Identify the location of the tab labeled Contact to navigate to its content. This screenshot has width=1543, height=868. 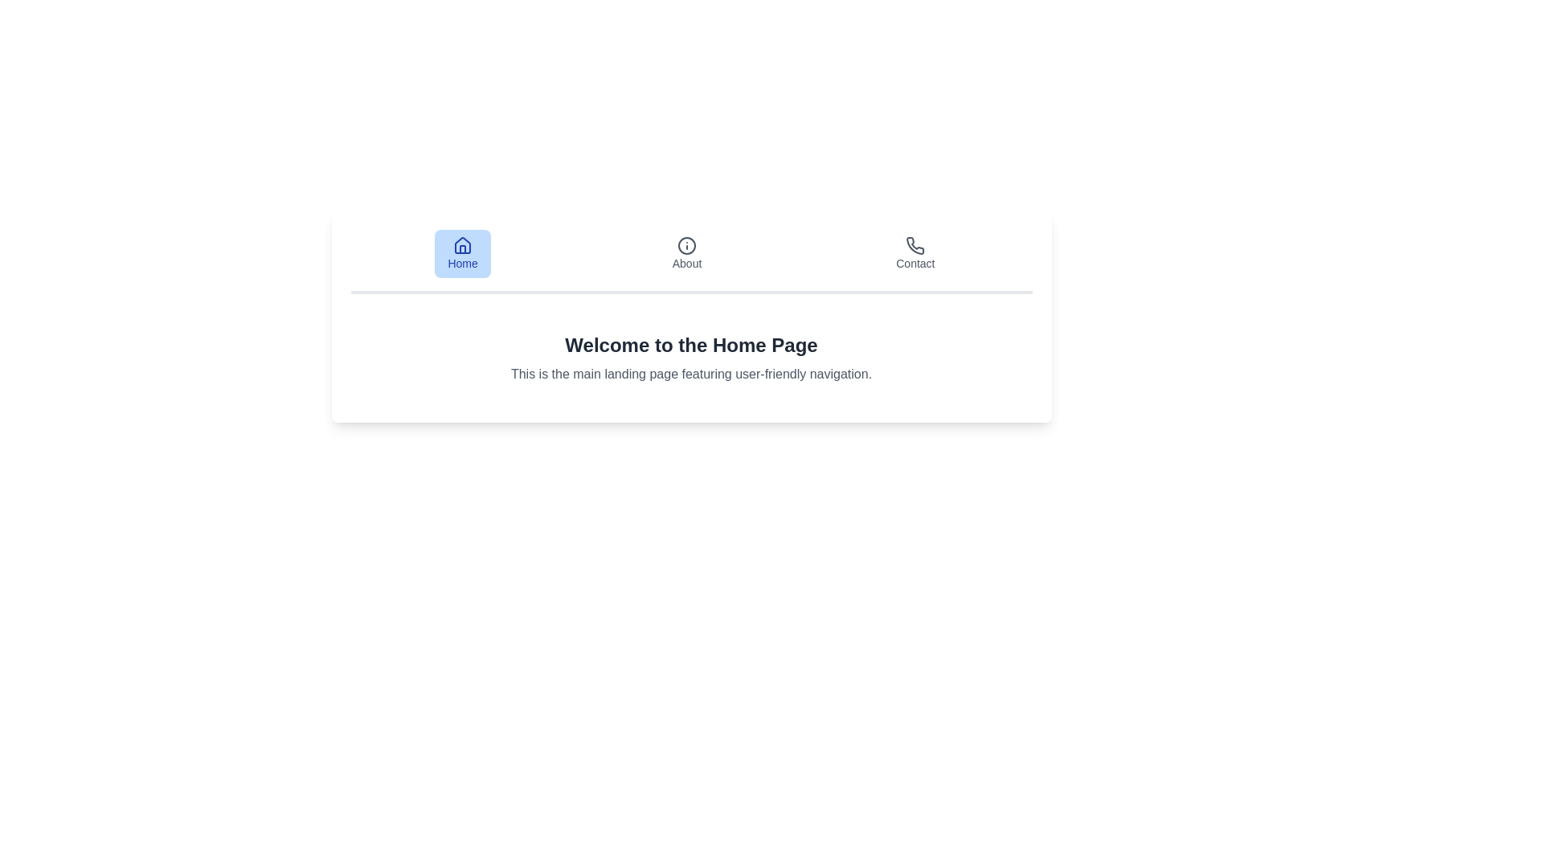
(915, 253).